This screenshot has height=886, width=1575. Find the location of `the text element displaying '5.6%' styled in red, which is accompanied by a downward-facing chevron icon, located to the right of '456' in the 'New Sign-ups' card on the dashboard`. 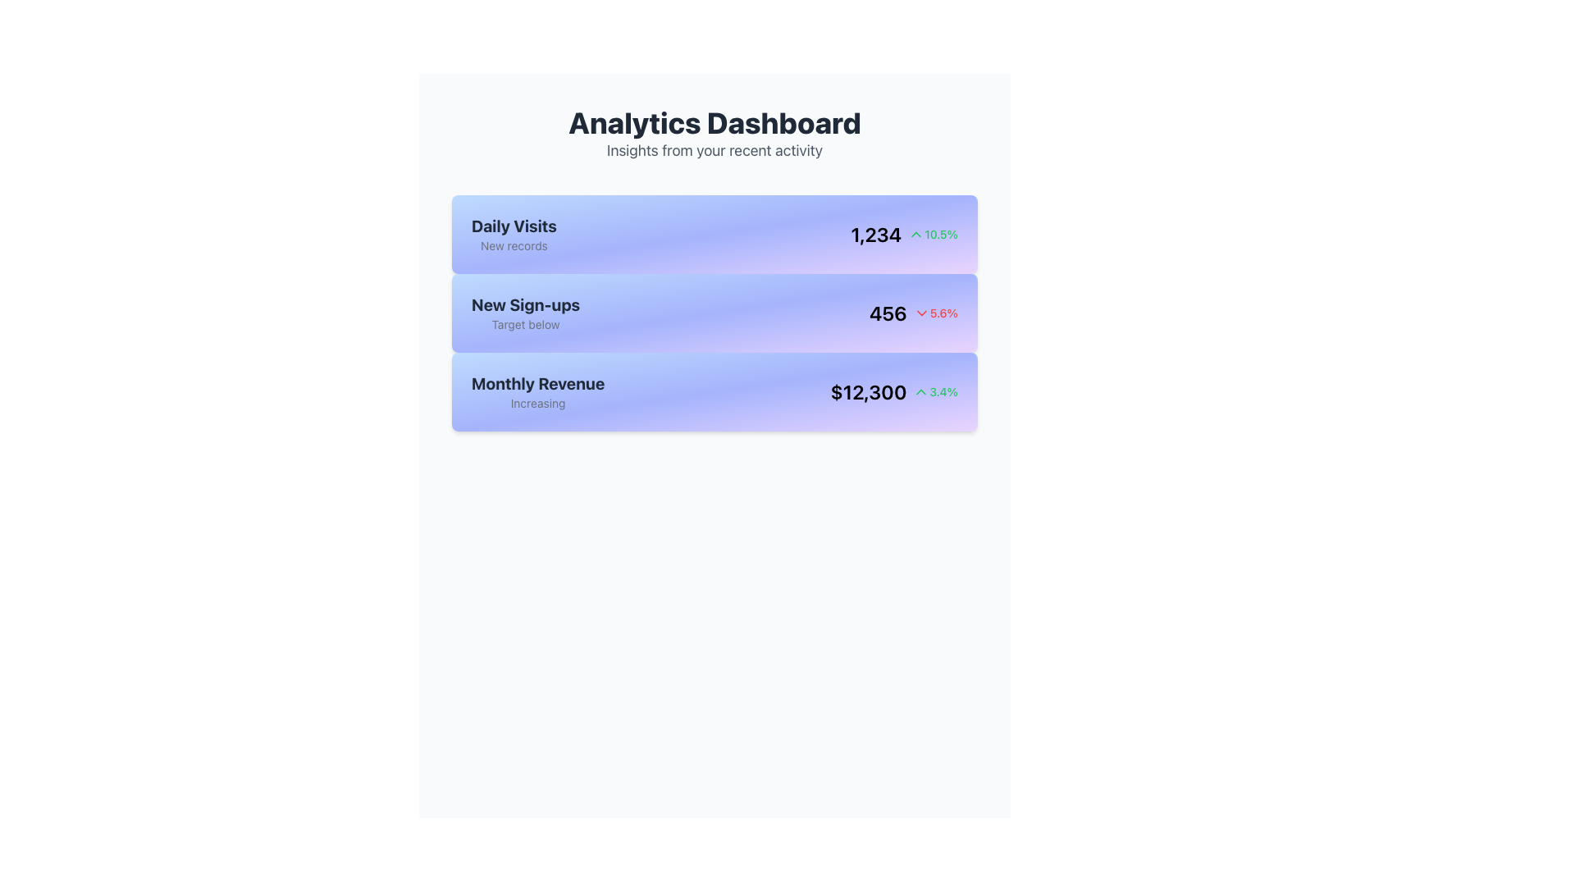

the text element displaying '5.6%' styled in red, which is accompanied by a downward-facing chevron icon, located to the right of '456' in the 'New Sign-ups' card on the dashboard is located at coordinates (935, 313).